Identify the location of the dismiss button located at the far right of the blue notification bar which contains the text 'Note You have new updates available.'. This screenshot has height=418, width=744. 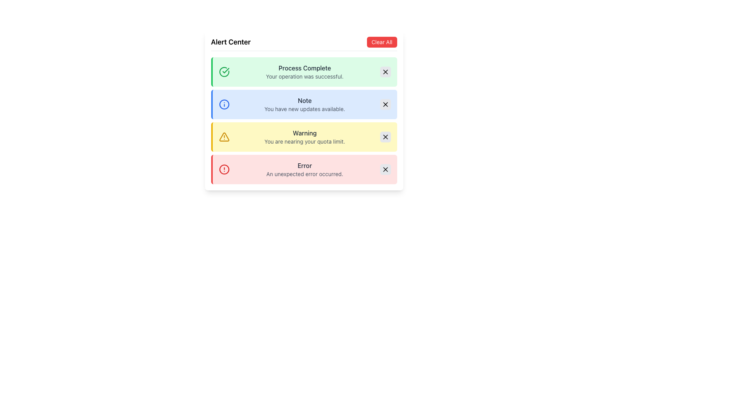
(385, 104).